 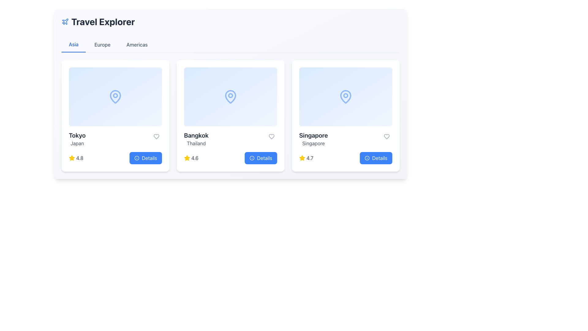 I want to click on the pin icon with a circular top and pointed bottom, styled in light blue and semi-transparent, located at the center of the 'Tokyo, Japan' card in the 'Travel Explorer' interface, so click(x=115, y=97).